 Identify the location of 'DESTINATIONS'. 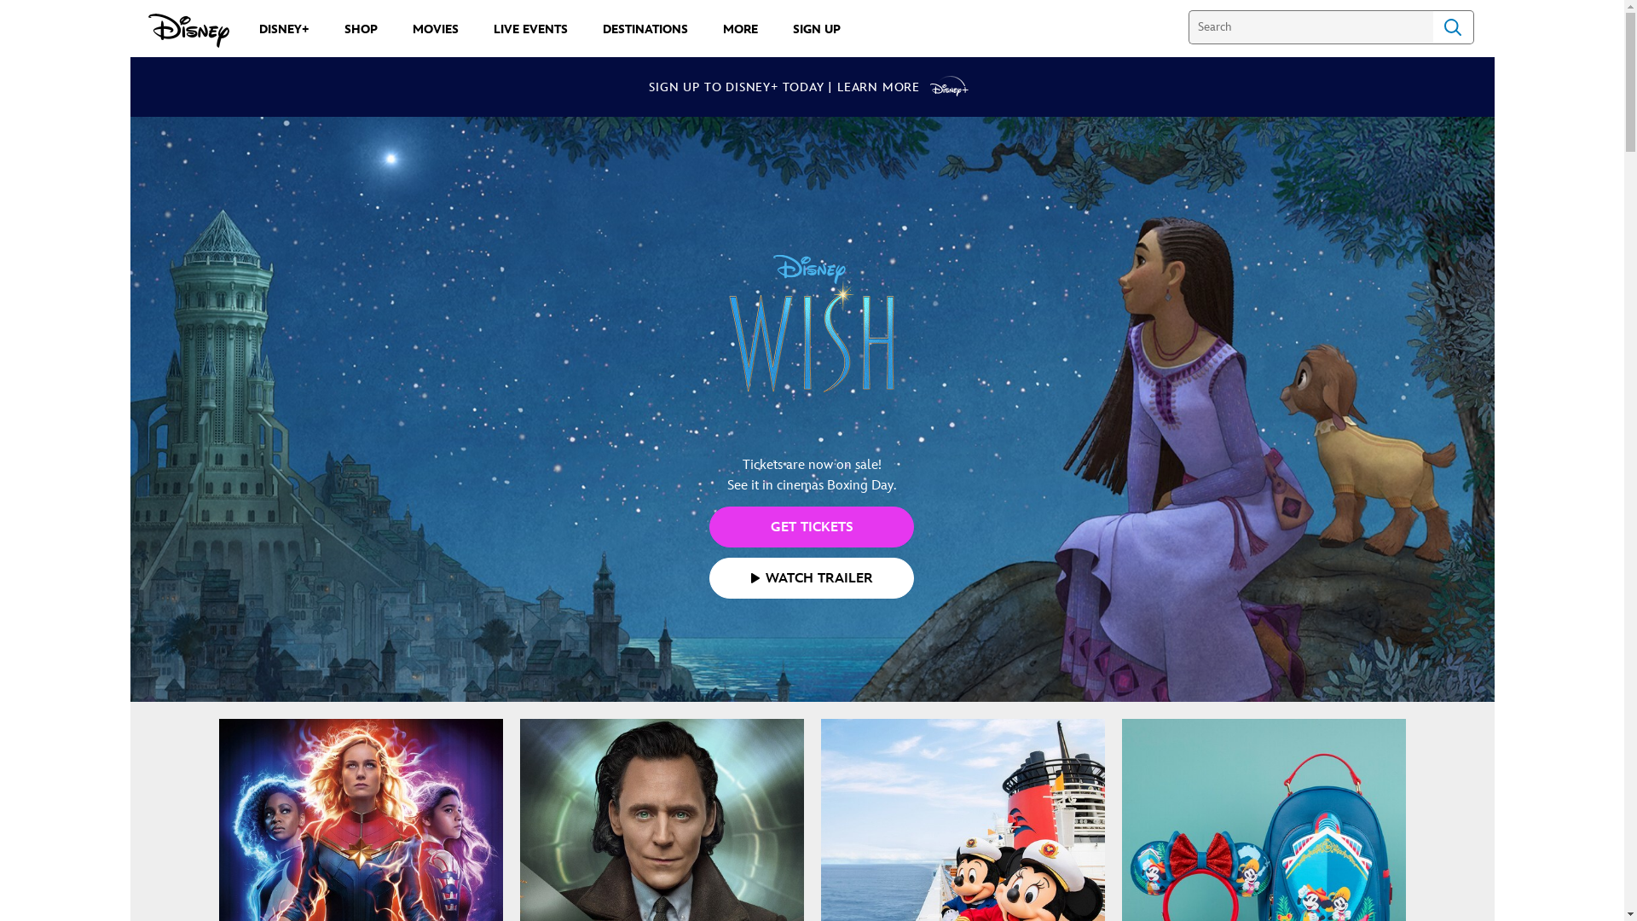
(643, 28).